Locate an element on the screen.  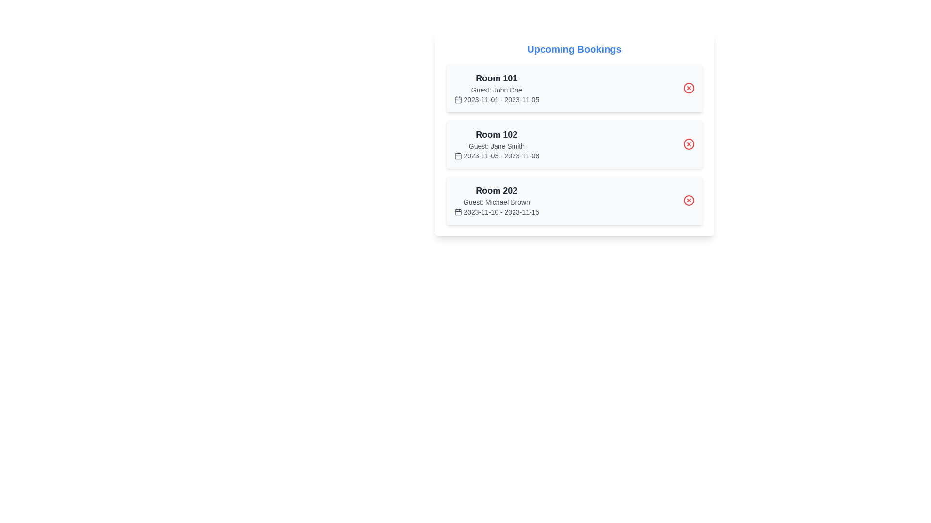
the summary card displaying the hotel room booking details, which includes the room number, guest's name, and booking duration, located at the top of the vertical list of booking items is located at coordinates (497, 88).